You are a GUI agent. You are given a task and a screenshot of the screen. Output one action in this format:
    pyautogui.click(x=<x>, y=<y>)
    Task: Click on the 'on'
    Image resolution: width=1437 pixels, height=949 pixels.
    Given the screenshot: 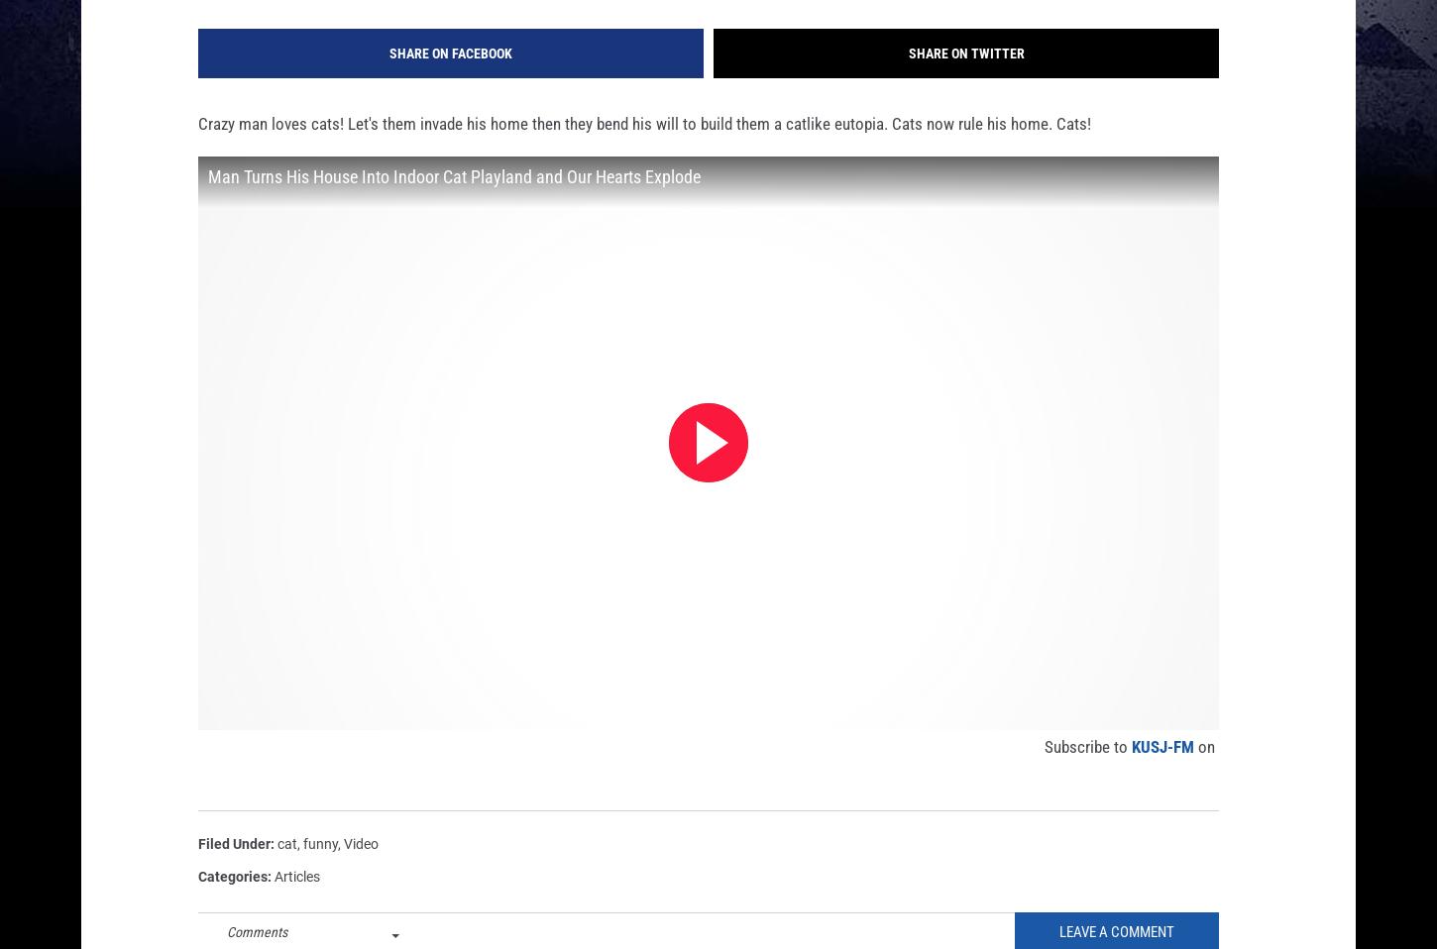 What is the action you would take?
    pyautogui.click(x=1206, y=779)
    